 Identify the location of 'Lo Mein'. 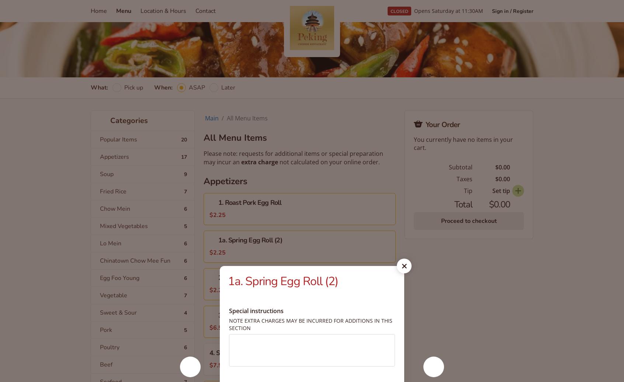
(110, 243).